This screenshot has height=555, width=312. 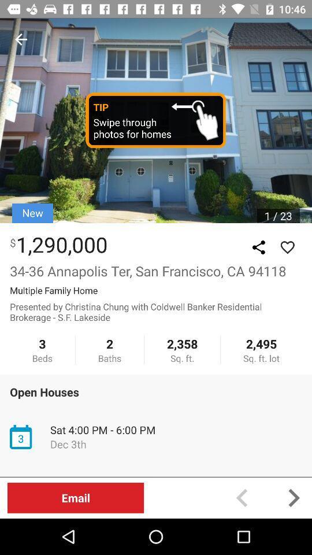 I want to click on the favorite icon, so click(x=287, y=247).